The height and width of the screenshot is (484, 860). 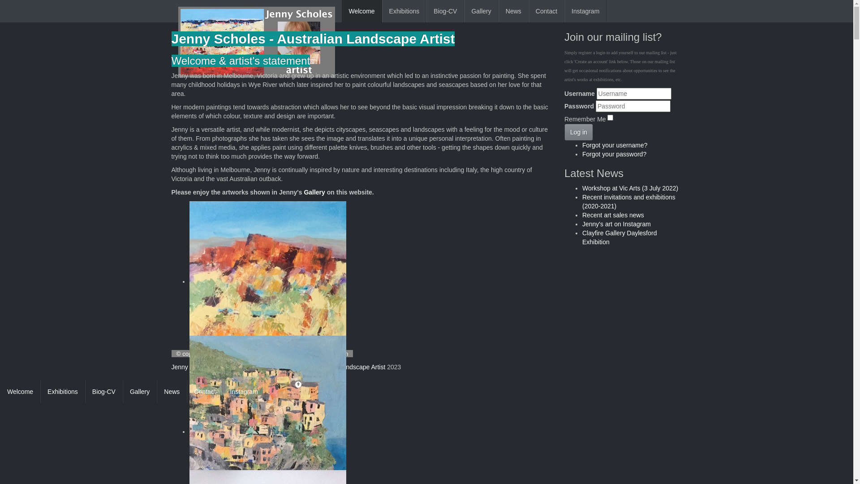 What do you see at coordinates (546, 11) in the screenshot?
I see `'Contact'` at bounding box center [546, 11].